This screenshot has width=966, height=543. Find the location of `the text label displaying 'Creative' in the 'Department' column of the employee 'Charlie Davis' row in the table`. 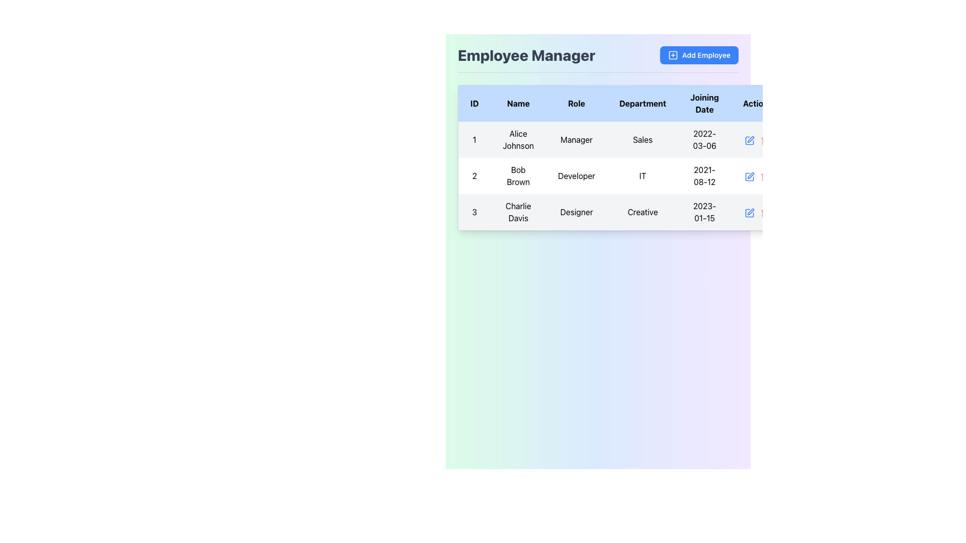

the text label displaying 'Creative' in the 'Department' column of the employee 'Charlie Davis' row in the table is located at coordinates (642, 212).